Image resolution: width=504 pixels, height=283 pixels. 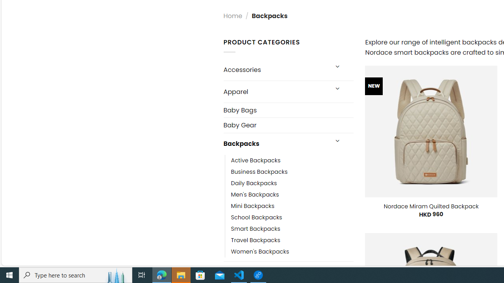 I want to click on 'Home', so click(x=232, y=15).